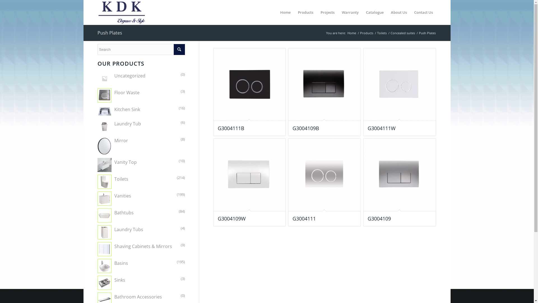 The width and height of the screenshot is (538, 303). What do you see at coordinates (112, 145) in the screenshot?
I see `'Mirror'` at bounding box center [112, 145].